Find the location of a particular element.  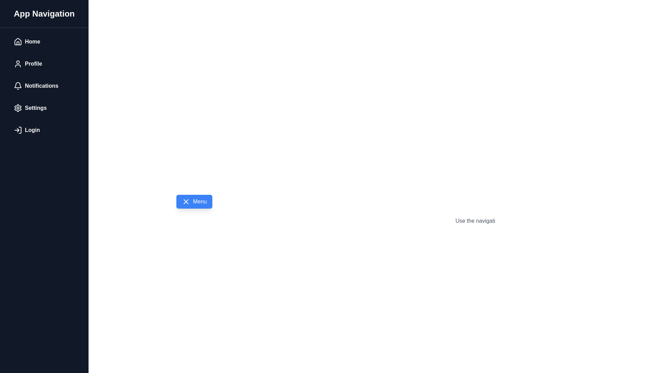

the simplified house-shaped icon located in the vertical navigation menu before the 'Home' label is located at coordinates (18, 41).